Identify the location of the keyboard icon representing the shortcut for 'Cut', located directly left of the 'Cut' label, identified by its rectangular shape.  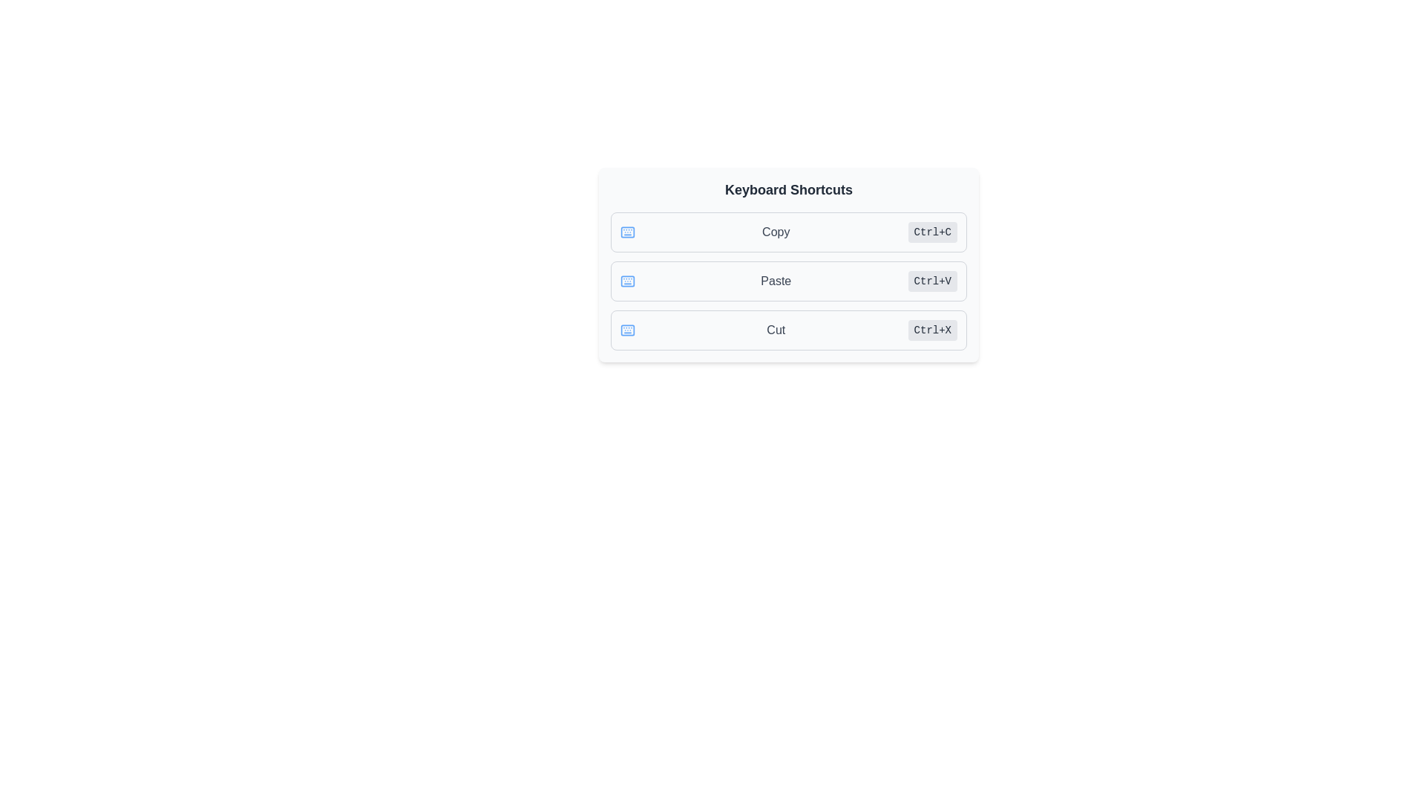
(627, 329).